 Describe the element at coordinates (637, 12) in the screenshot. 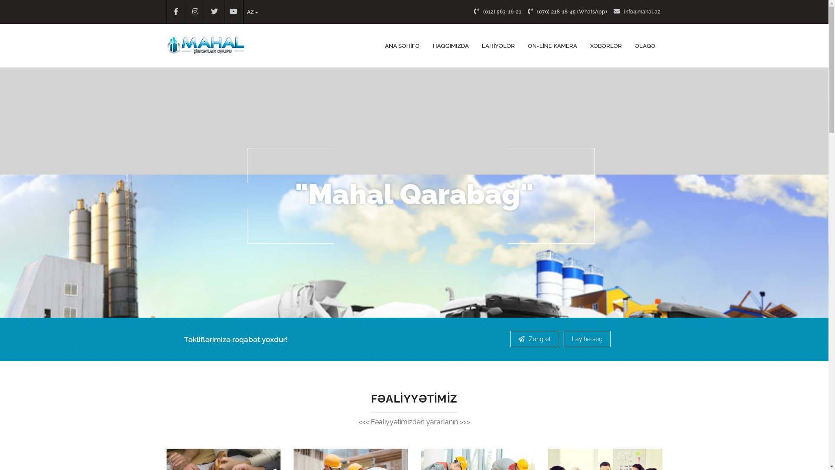

I see `'info@mahal.az'` at that location.